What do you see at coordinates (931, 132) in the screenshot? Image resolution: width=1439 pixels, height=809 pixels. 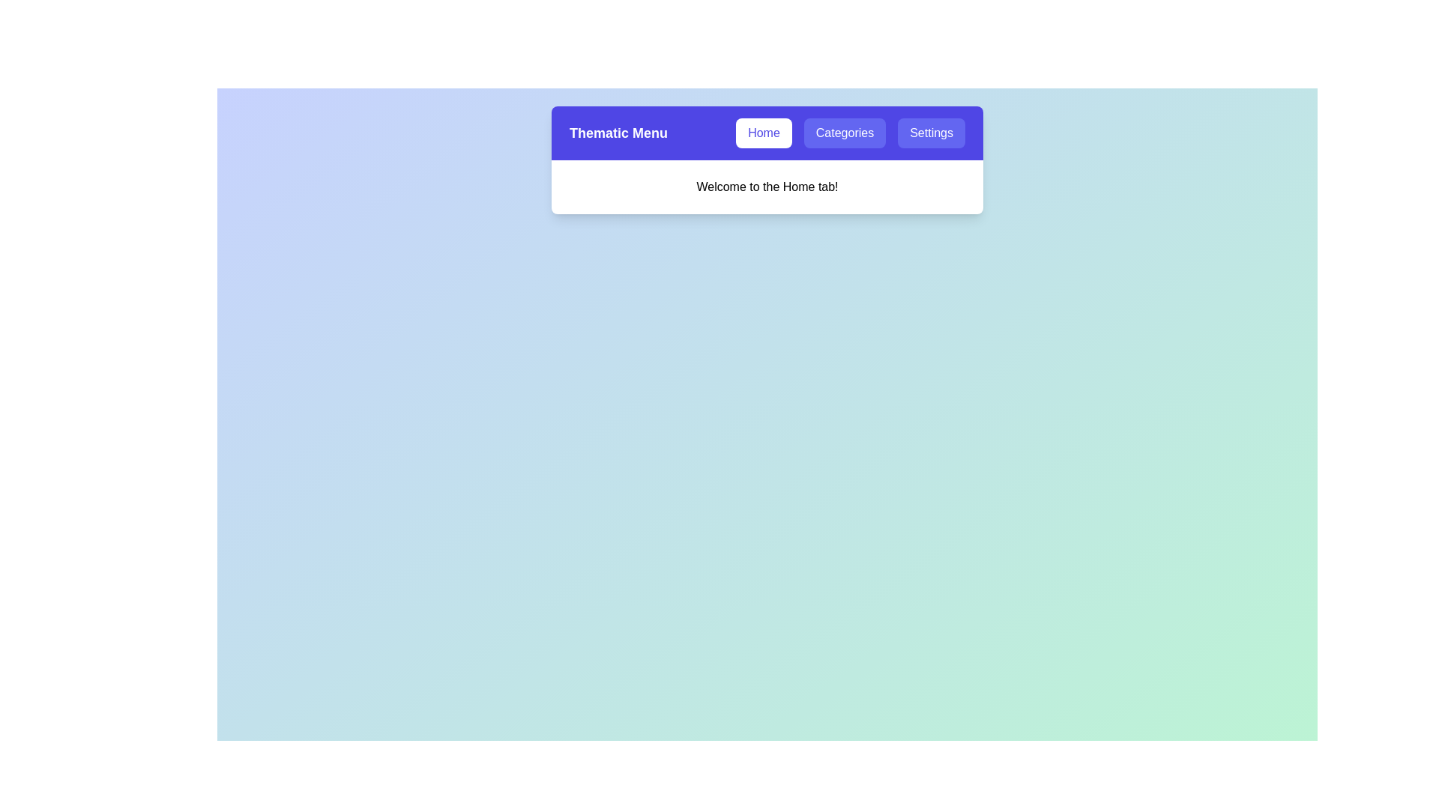 I see `the Settings button to navigate to the corresponding tab` at bounding box center [931, 132].